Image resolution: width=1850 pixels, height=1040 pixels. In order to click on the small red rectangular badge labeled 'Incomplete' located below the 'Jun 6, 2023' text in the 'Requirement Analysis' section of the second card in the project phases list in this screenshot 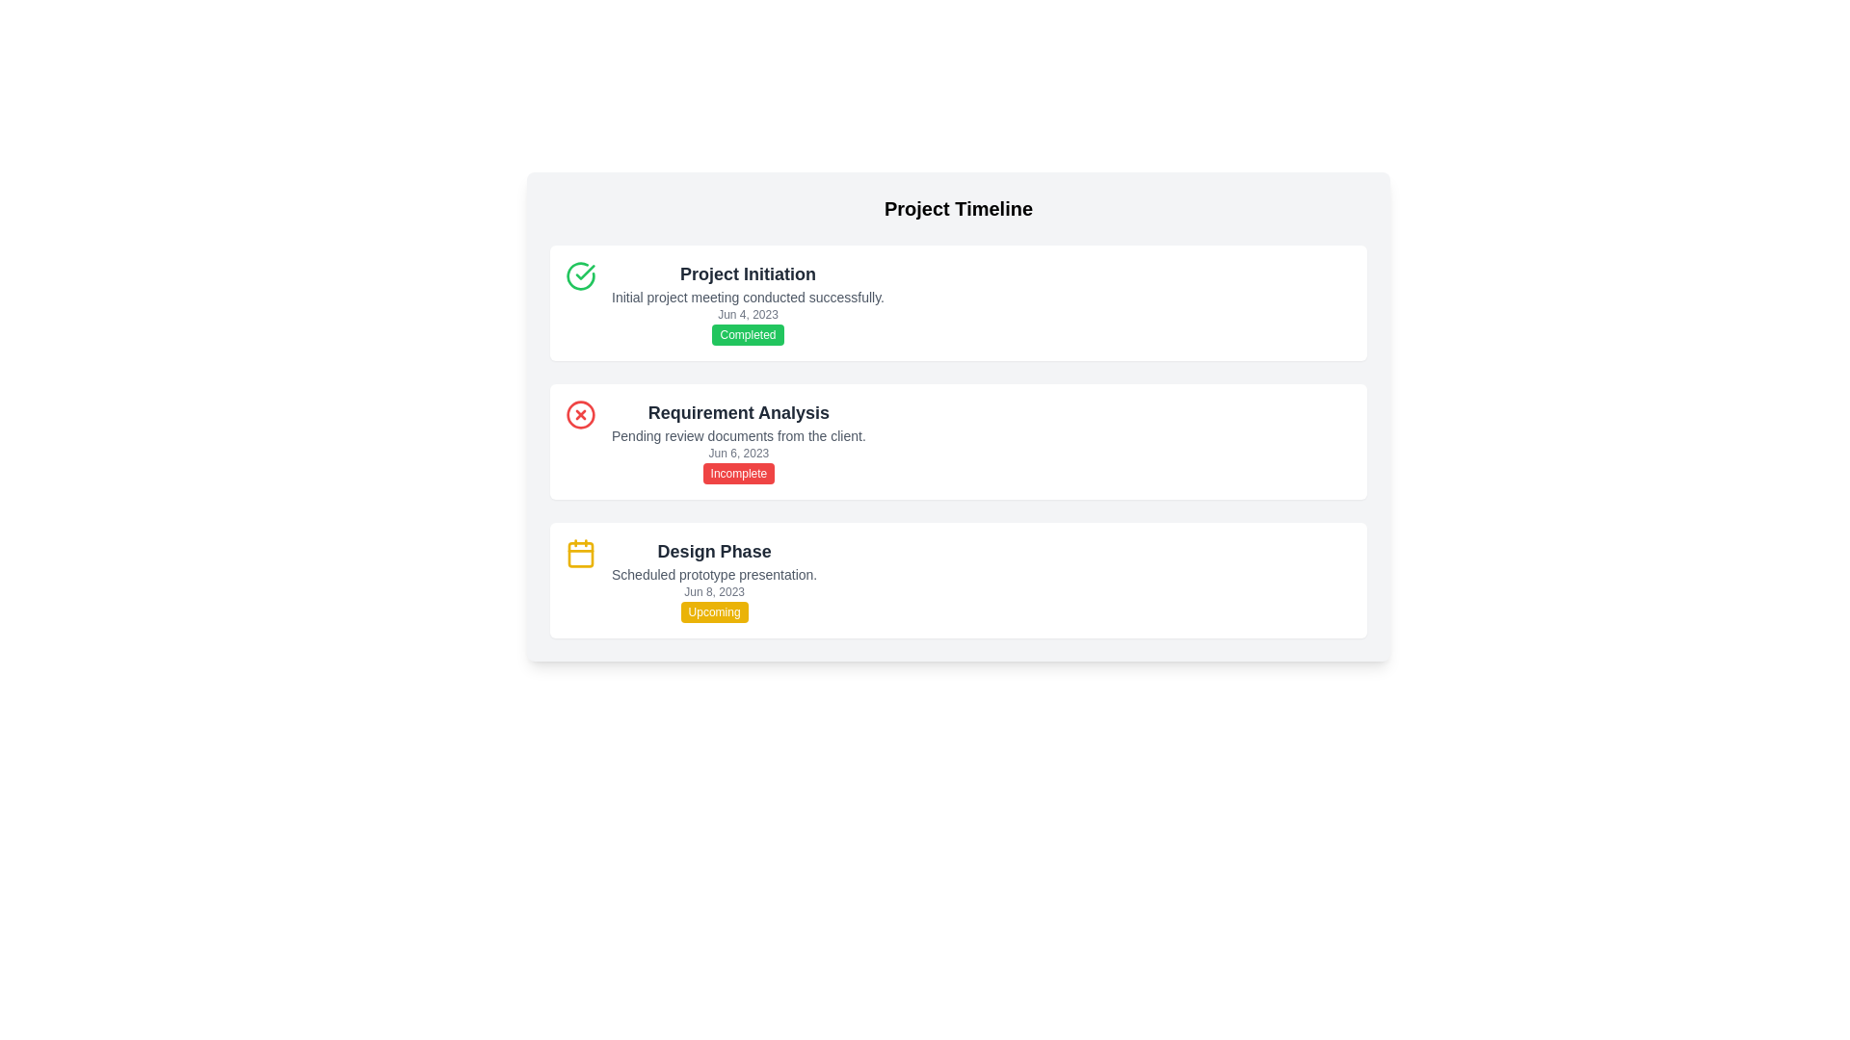, I will do `click(737, 474)`.